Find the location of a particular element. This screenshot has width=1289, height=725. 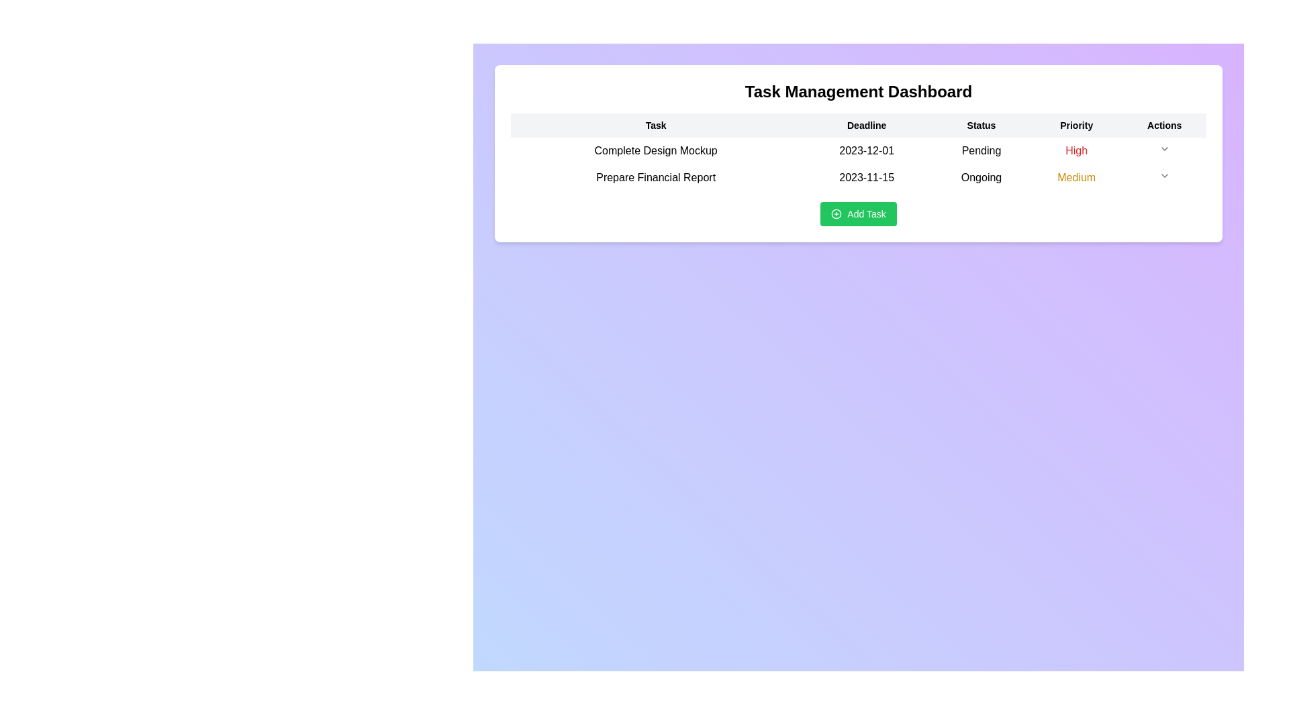

the green circular icon with a plus sign located to the left of the 'Add Task' text to invoke the 'Add Task' functionality is located at coordinates (836, 213).